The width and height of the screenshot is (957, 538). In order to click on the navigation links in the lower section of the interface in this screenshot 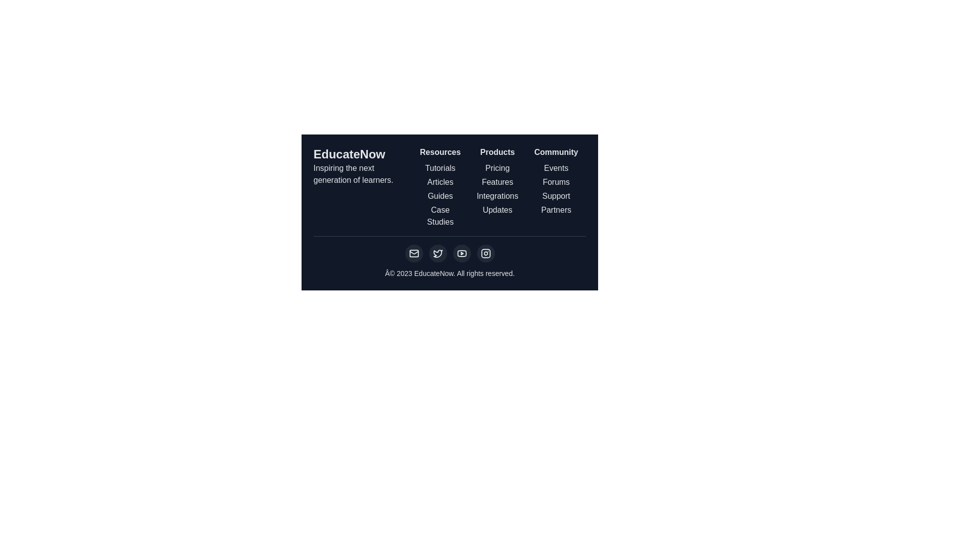, I will do `click(449, 187)`.